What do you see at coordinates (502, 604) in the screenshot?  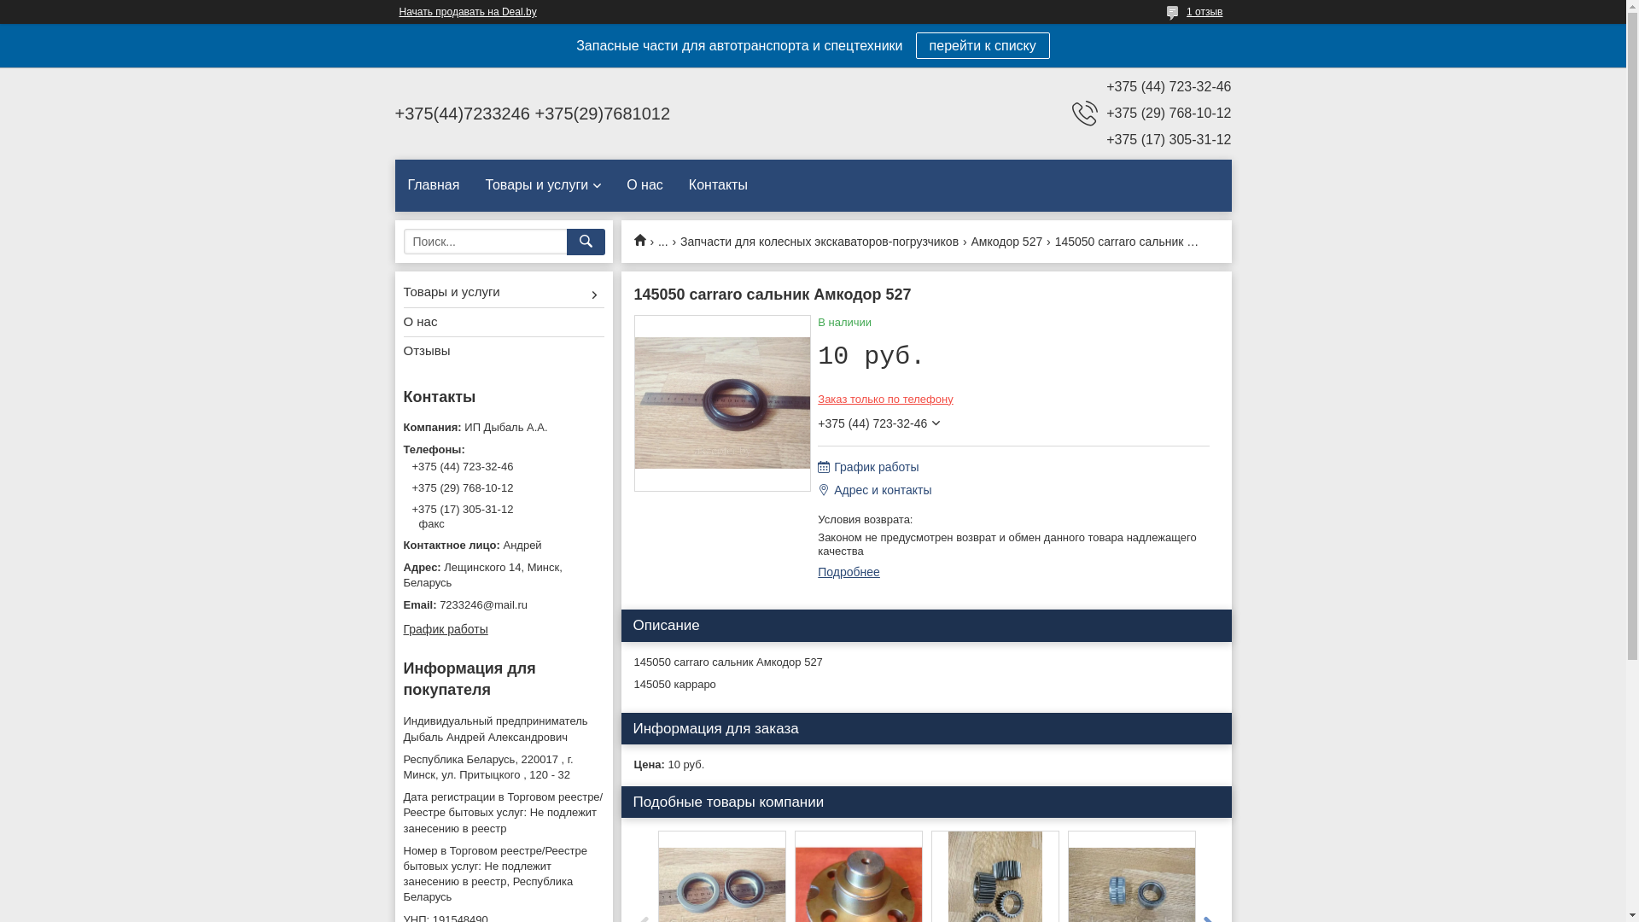 I see `'7233246@mail.ru'` at bounding box center [502, 604].